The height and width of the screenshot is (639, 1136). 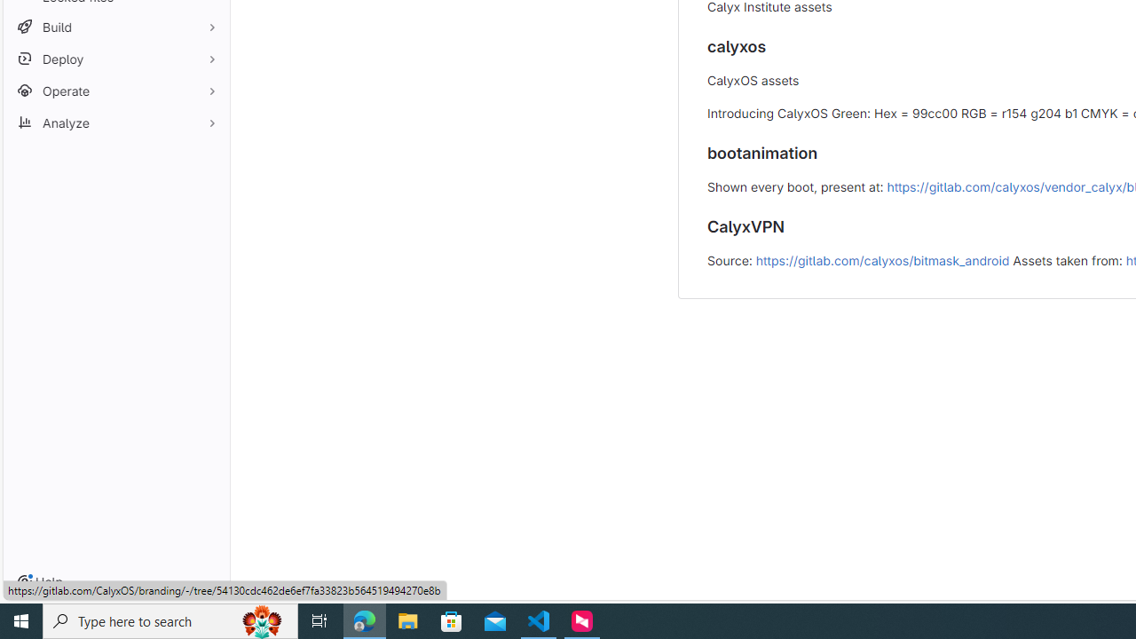 What do you see at coordinates (882, 259) in the screenshot?
I see `'https://gitlab.com/calyxos/bitmask_android'` at bounding box center [882, 259].